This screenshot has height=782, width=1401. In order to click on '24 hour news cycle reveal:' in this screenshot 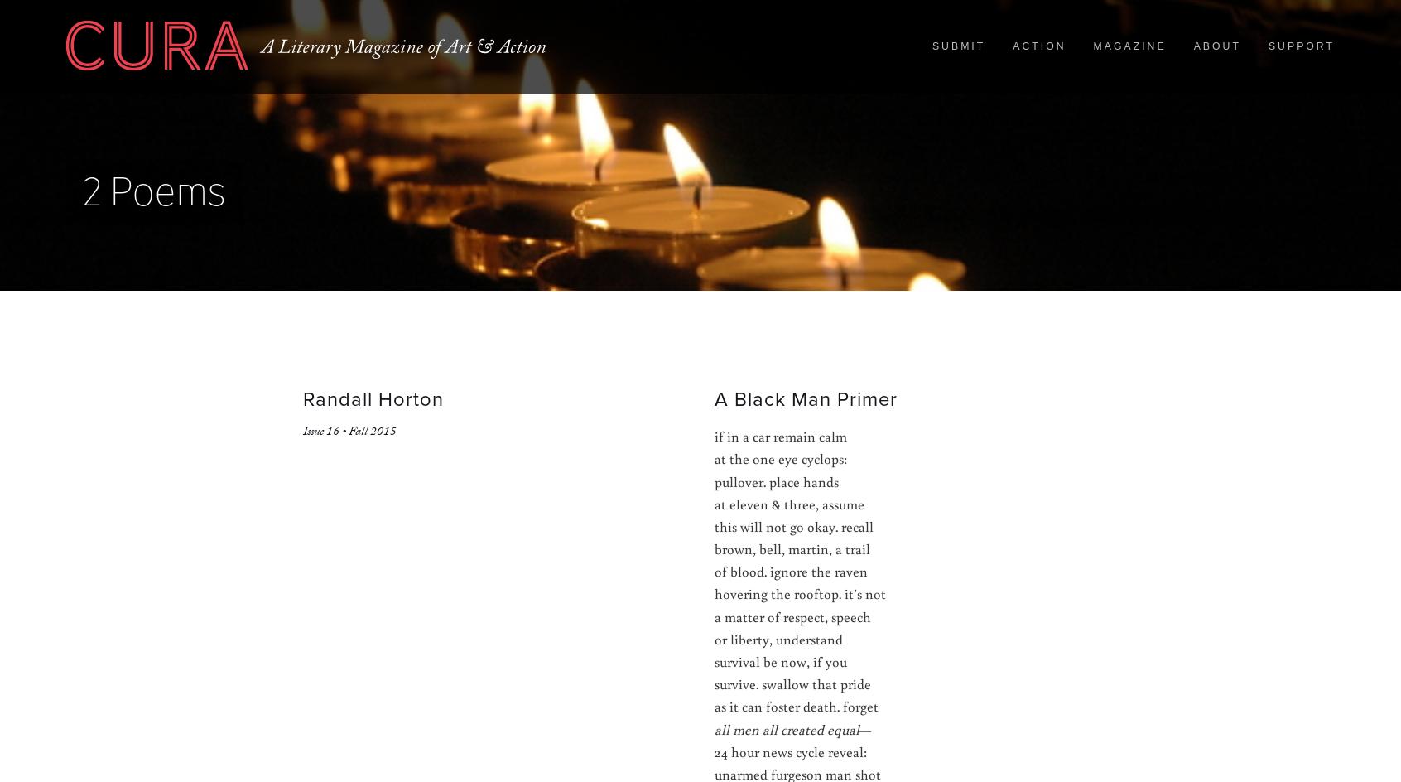, I will do `click(790, 750)`.